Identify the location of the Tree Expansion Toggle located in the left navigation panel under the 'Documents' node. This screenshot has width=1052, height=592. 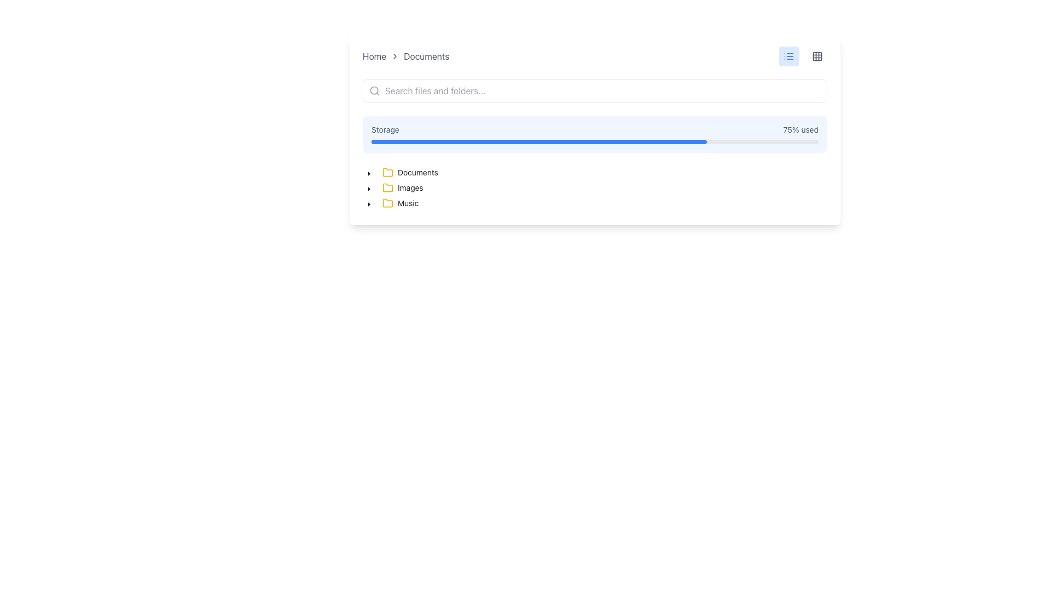
(369, 173).